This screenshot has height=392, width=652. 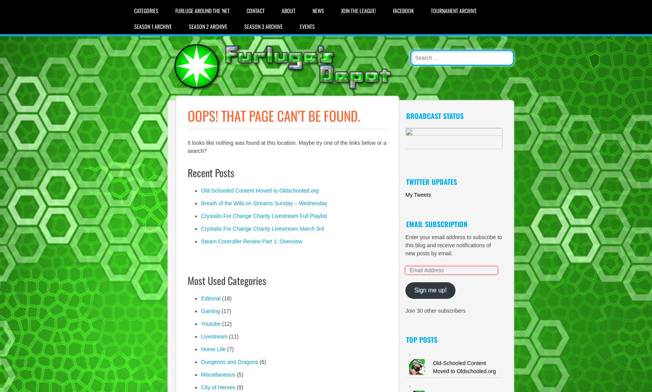 What do you see at coordinates (436, 224) in the screenshot?
I see `'Email Subscription'` at bounding box center [436, 224].